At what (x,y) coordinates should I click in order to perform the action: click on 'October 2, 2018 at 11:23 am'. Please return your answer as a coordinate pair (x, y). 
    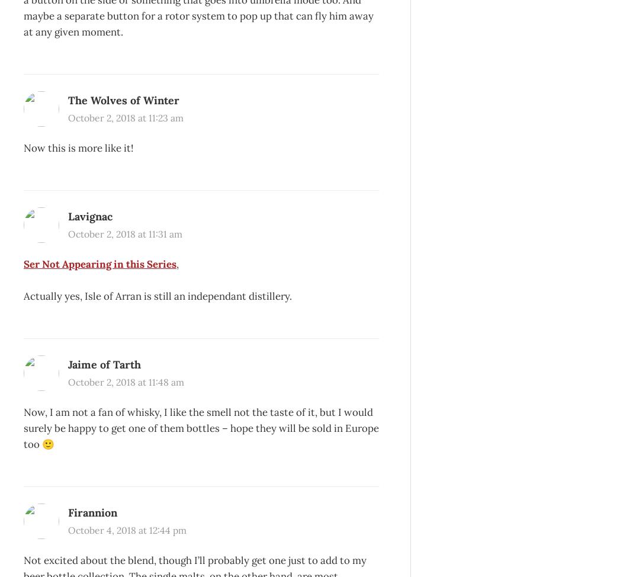
    Looking at the image, I should click on (125, 117).